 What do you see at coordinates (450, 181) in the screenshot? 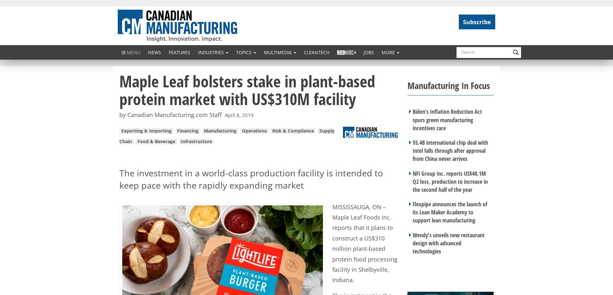
I see `'NFI Group Inc. reports US$48.1M Q2 loss, production to increase in the second half of the year'` at bounding box center [450, 181].